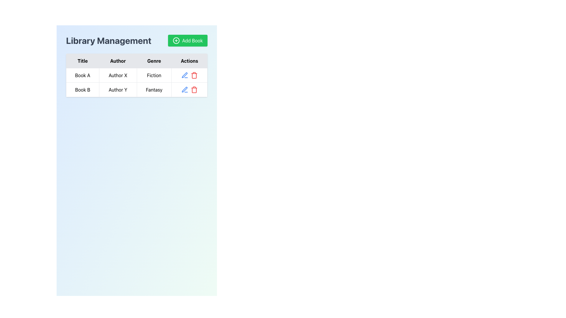 This screenshot has width=566, height=318. Describe the element at coordinates (82, 75) in the screenshot. I see `the text label displaying 'Book A' in bold font, located in the first row of the table under the 'Title' column of the 'Library Management' interface` at that location.